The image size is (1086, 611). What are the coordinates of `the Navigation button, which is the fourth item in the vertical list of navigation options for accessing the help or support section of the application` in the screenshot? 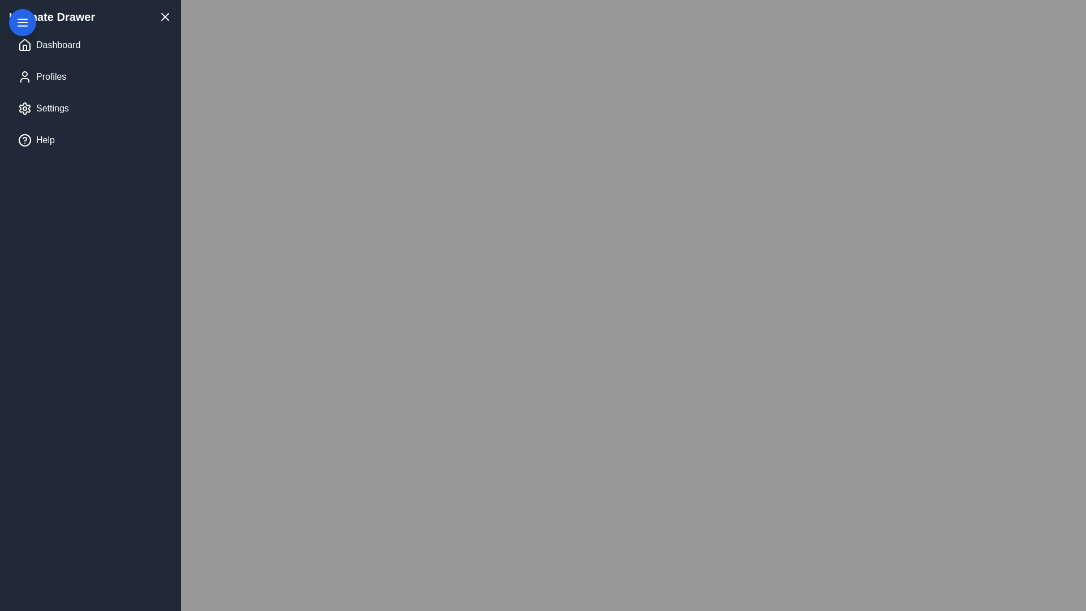 It's located at (89, 139).